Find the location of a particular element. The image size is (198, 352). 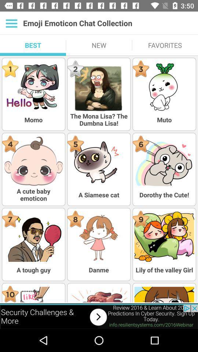

open menu is located at coordinates (11, 23).